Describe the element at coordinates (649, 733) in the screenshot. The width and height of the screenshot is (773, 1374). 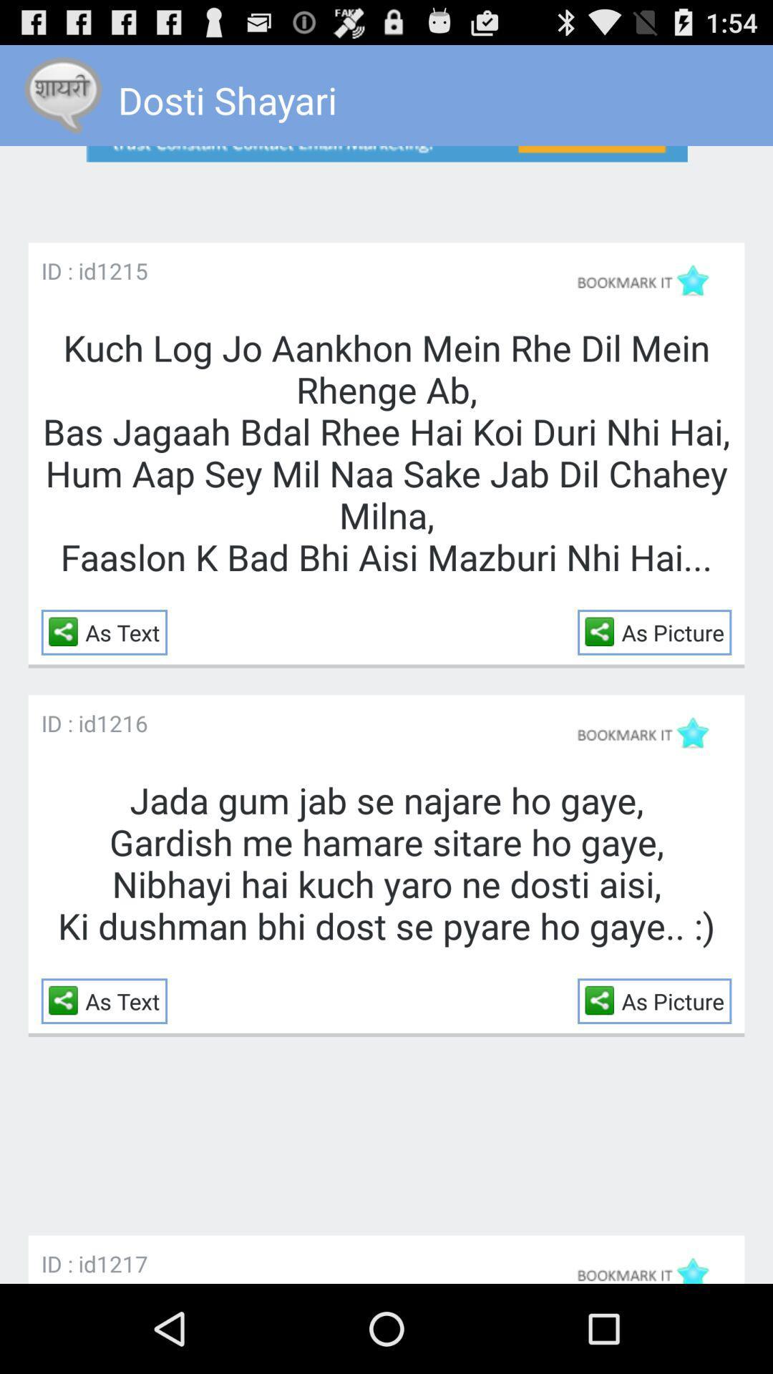
I see `bookmark` at that location.